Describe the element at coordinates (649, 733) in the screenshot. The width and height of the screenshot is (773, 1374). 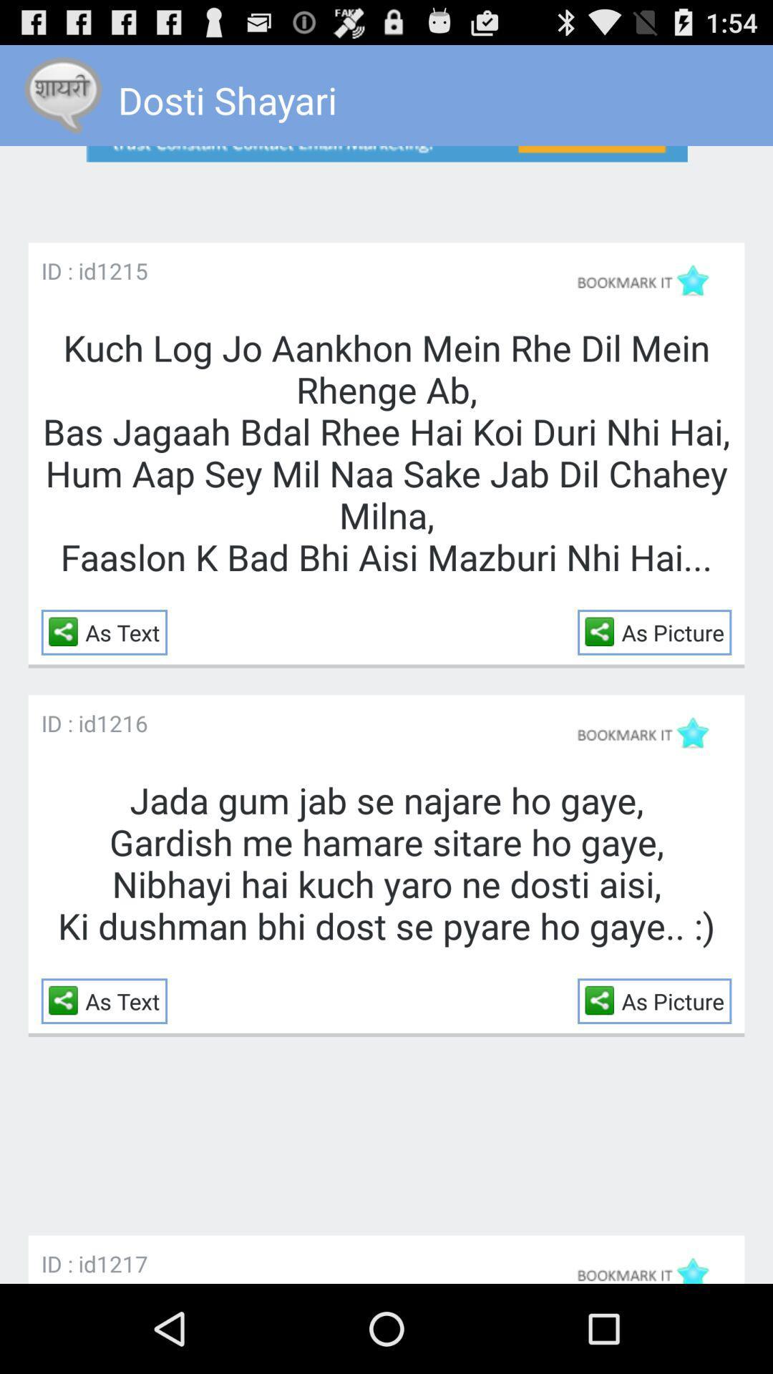
I see `bookmark` at that location.